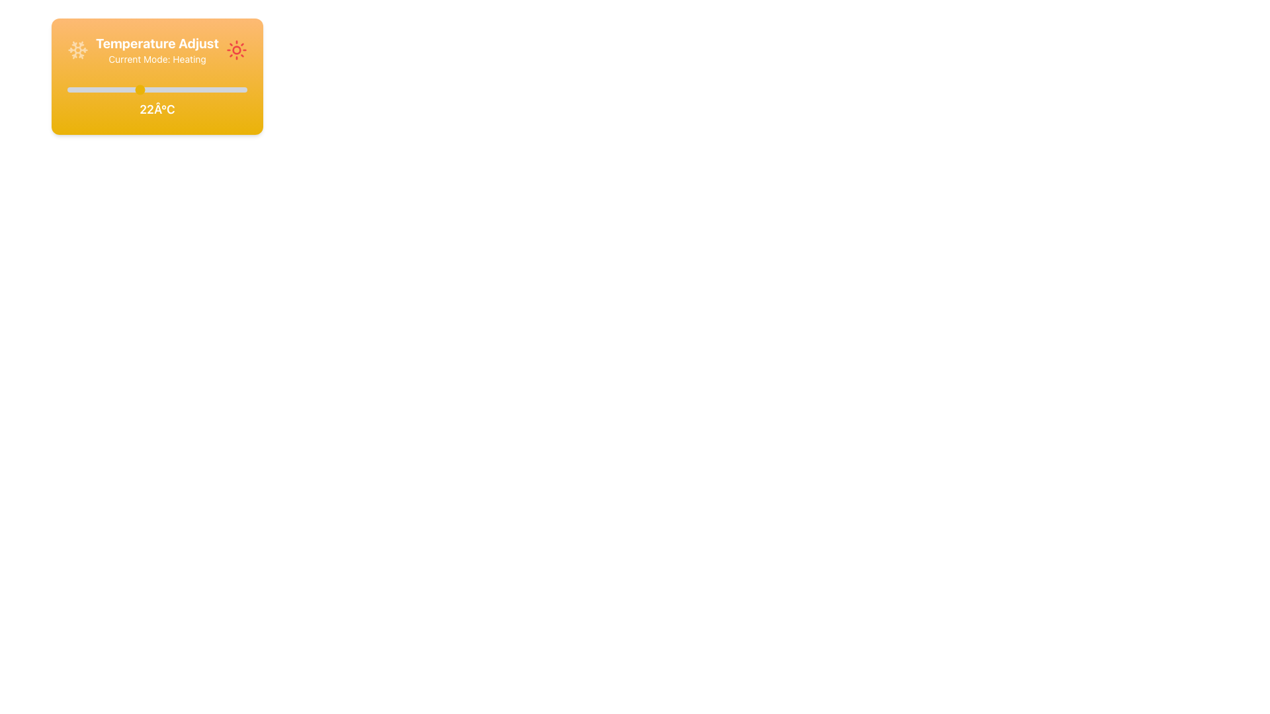 Image resolution: width=1270 pixels, height=714 pixels. Describe the element at coordinates (192, 89) in the screenshot. I see `the temperature` at that location.